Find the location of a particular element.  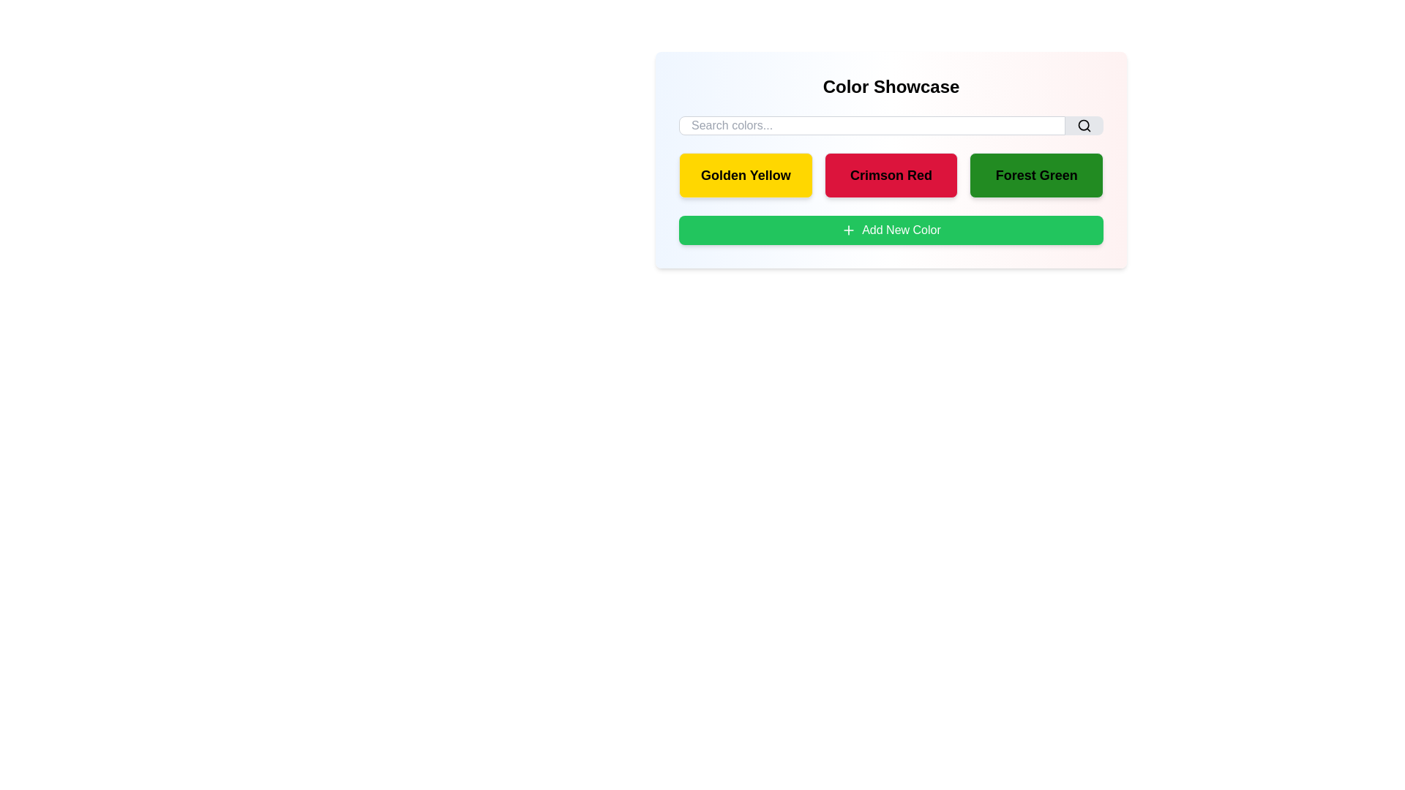

the search icon located at the far-right end of the search bar is located at coordinates (1084, 125).